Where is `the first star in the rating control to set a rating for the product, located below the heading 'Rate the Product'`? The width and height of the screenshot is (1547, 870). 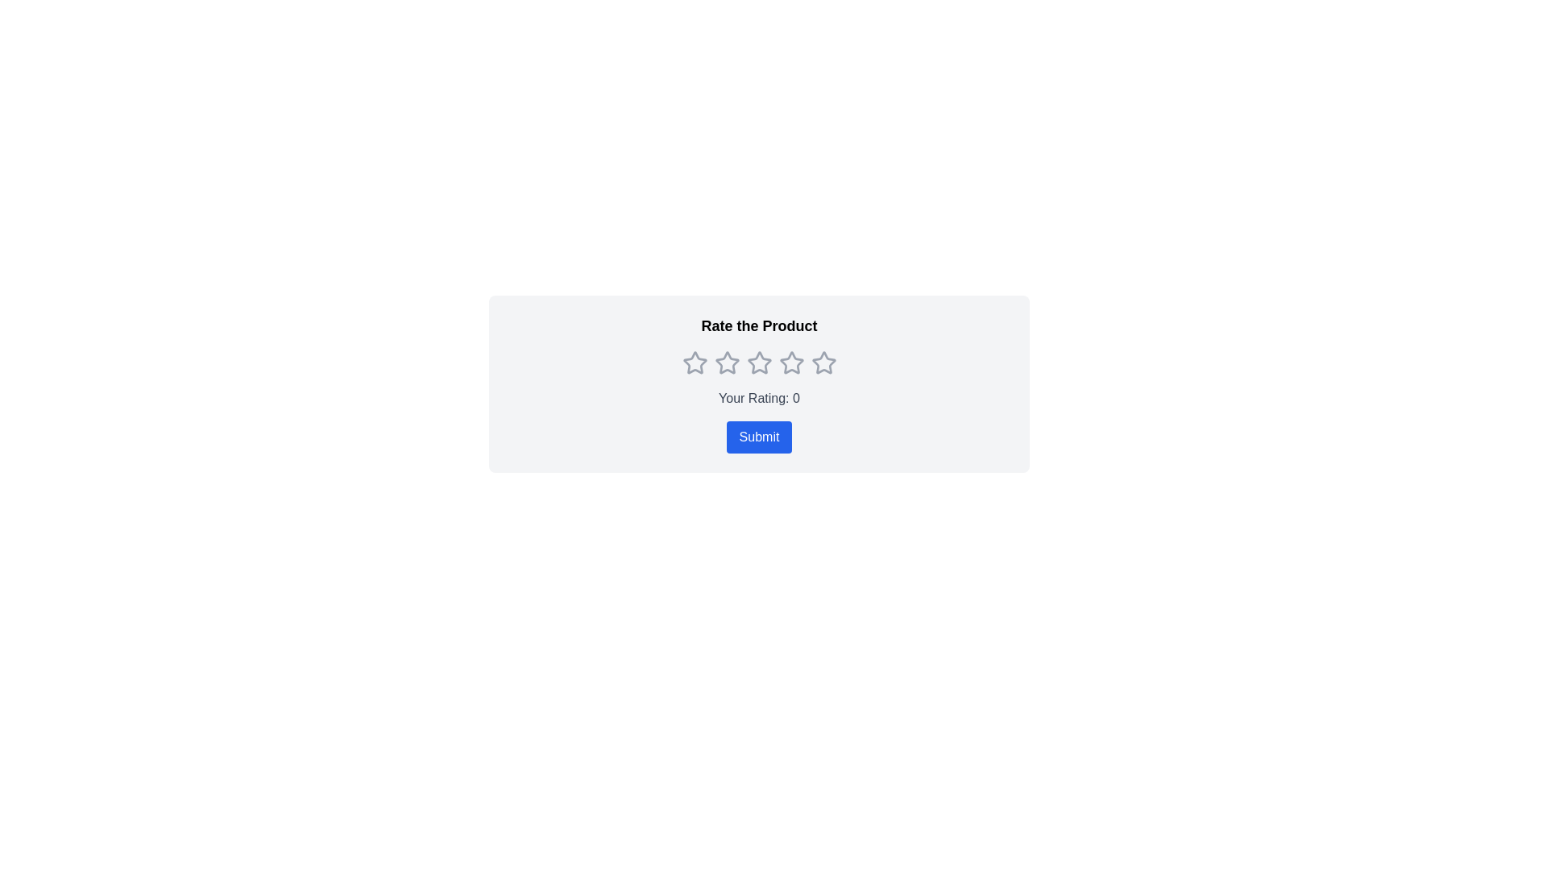
the first star in the rating control to set a rating for the product, located below the heading 'Rate the Product' is located at coordinates (695, 363).